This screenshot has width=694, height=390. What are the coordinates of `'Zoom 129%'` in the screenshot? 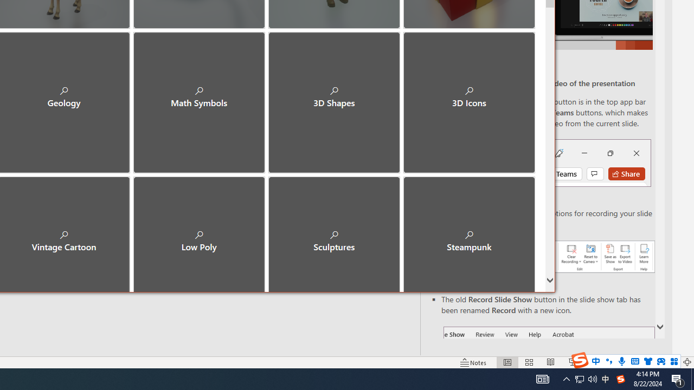 It's located at (669, 362).